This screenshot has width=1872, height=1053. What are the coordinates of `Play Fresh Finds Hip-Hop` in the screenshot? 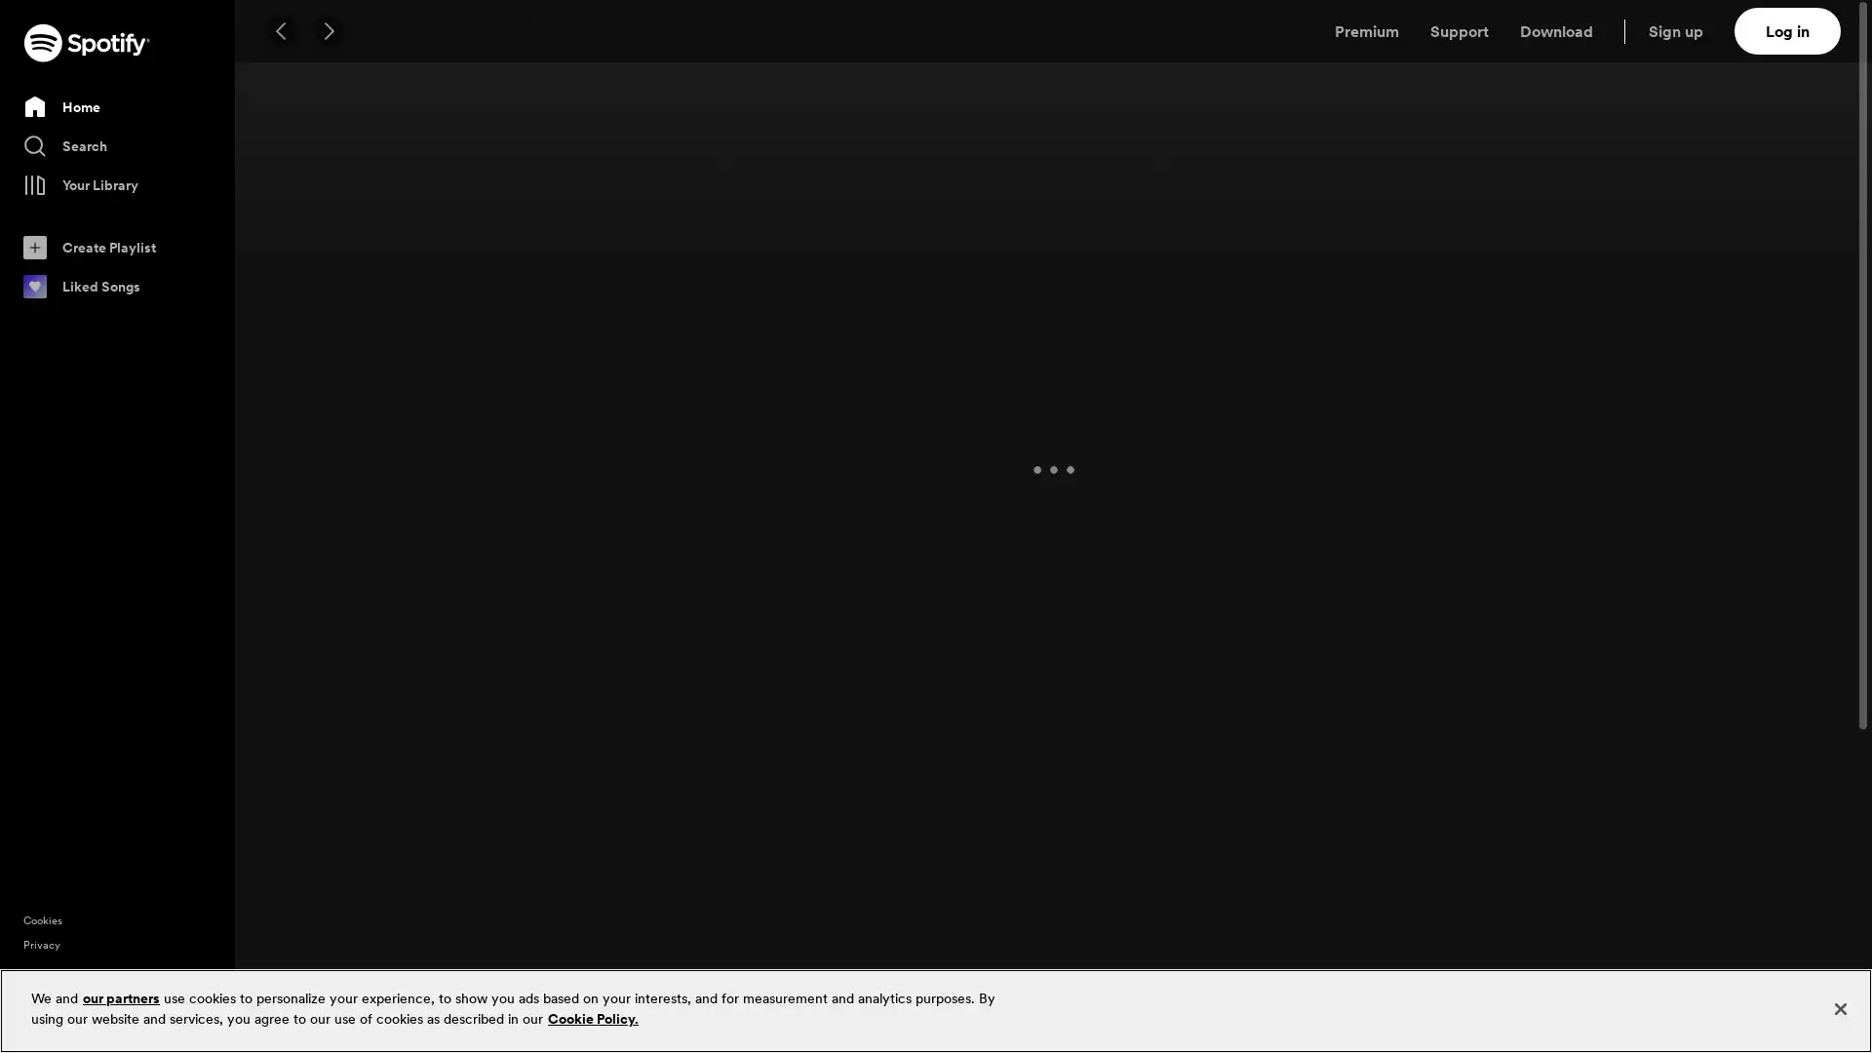 It's located at (795, 270).